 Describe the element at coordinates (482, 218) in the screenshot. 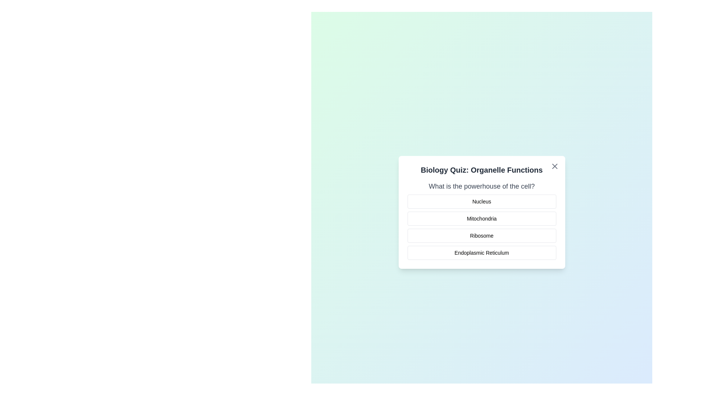

I see `the answer option Mitochondria to select it` at that location.